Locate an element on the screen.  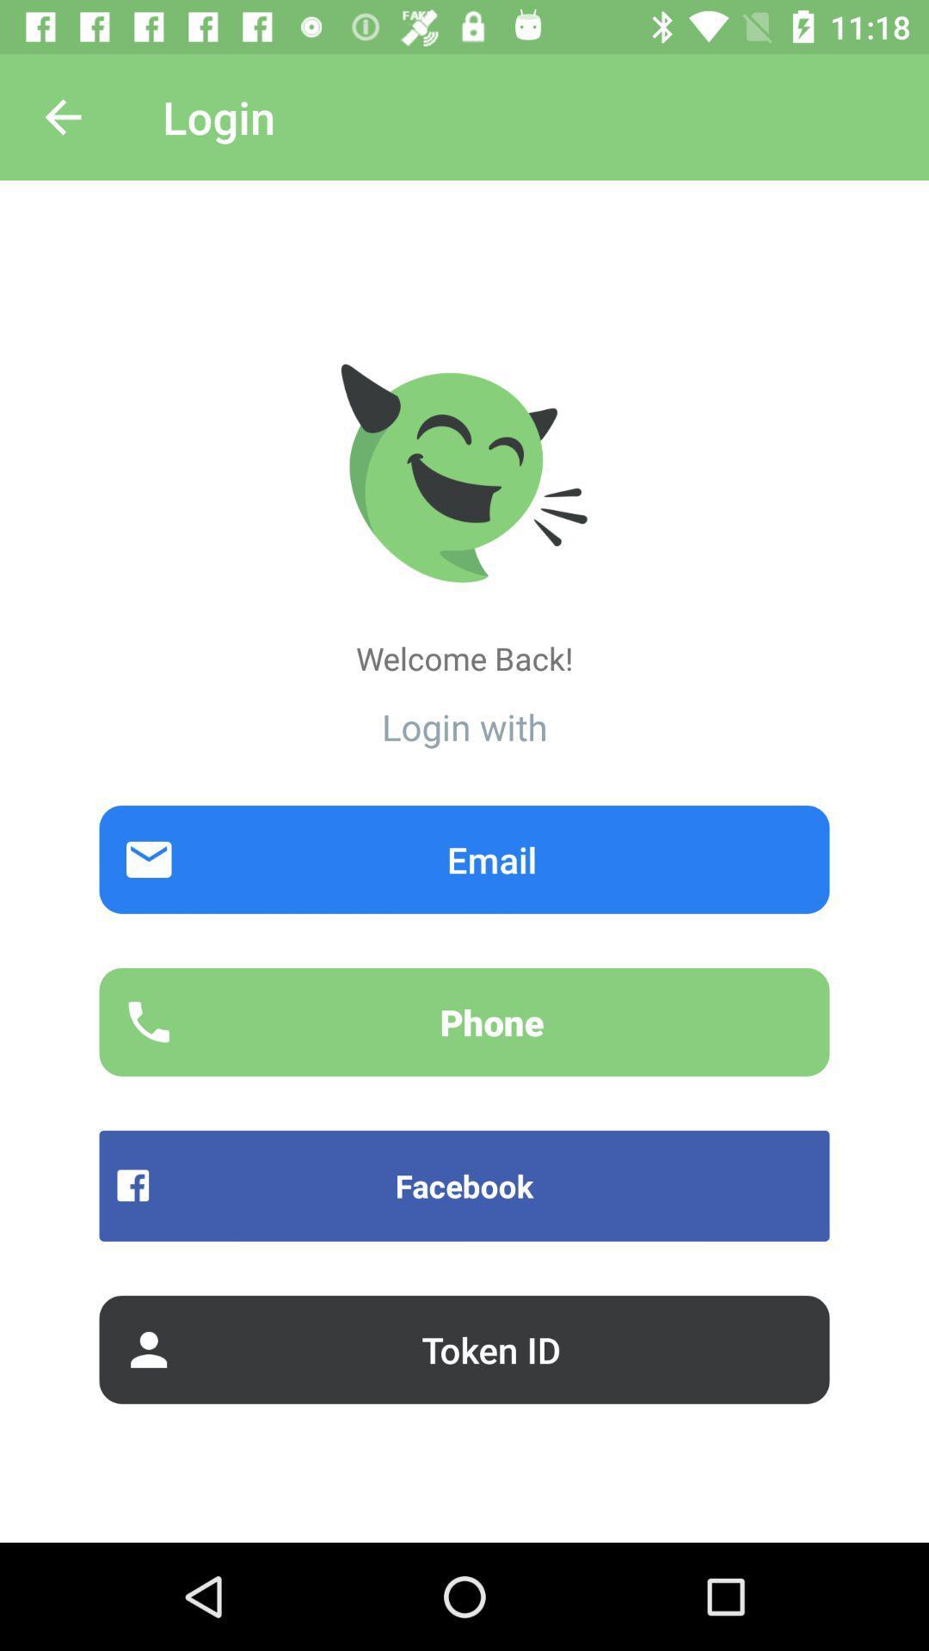
email item is located at coordinates (464, 859).